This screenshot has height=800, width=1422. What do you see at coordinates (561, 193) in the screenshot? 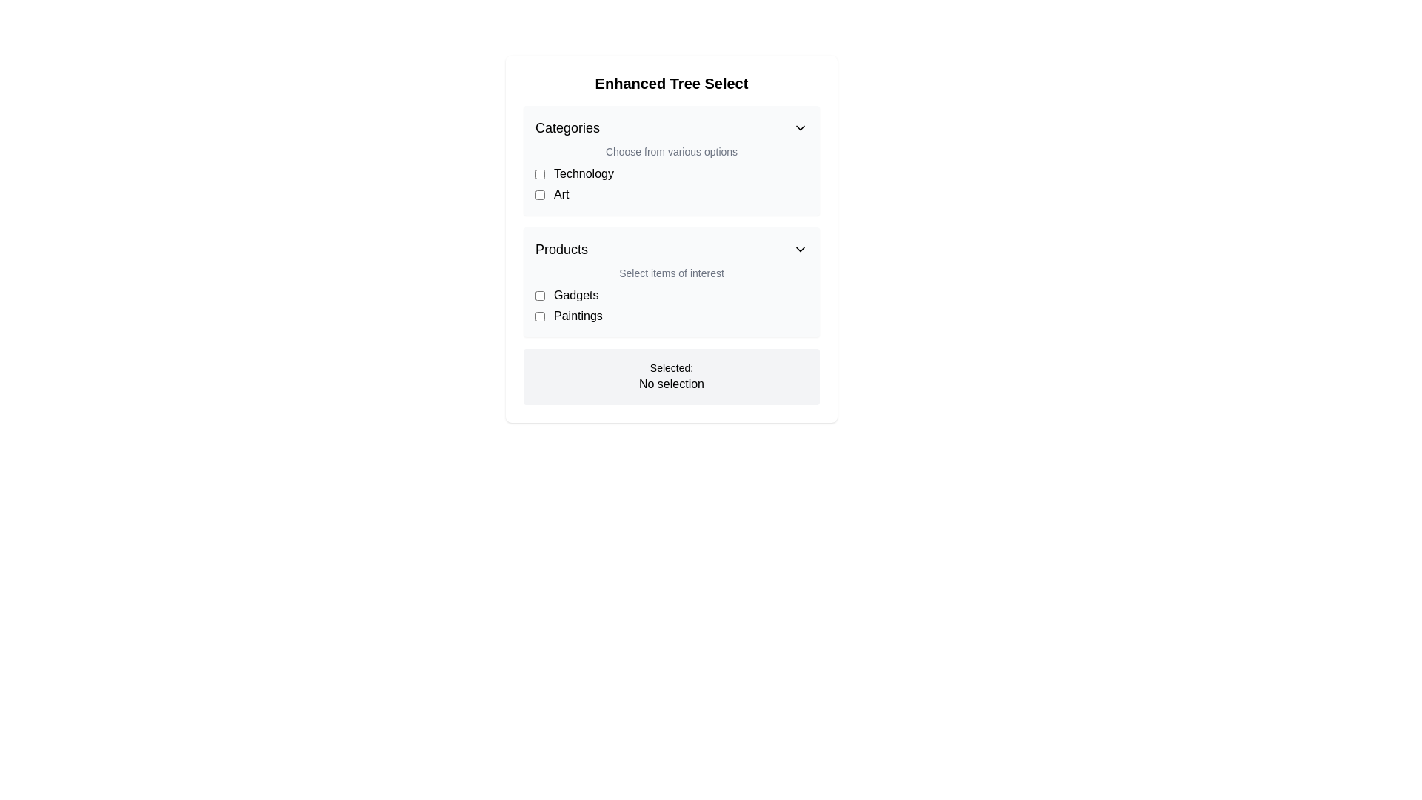
I see `the text label displaying 'Art' which is located under the 'Categories' section, adjacent to a checkbox` at bounding box center [561, 193].